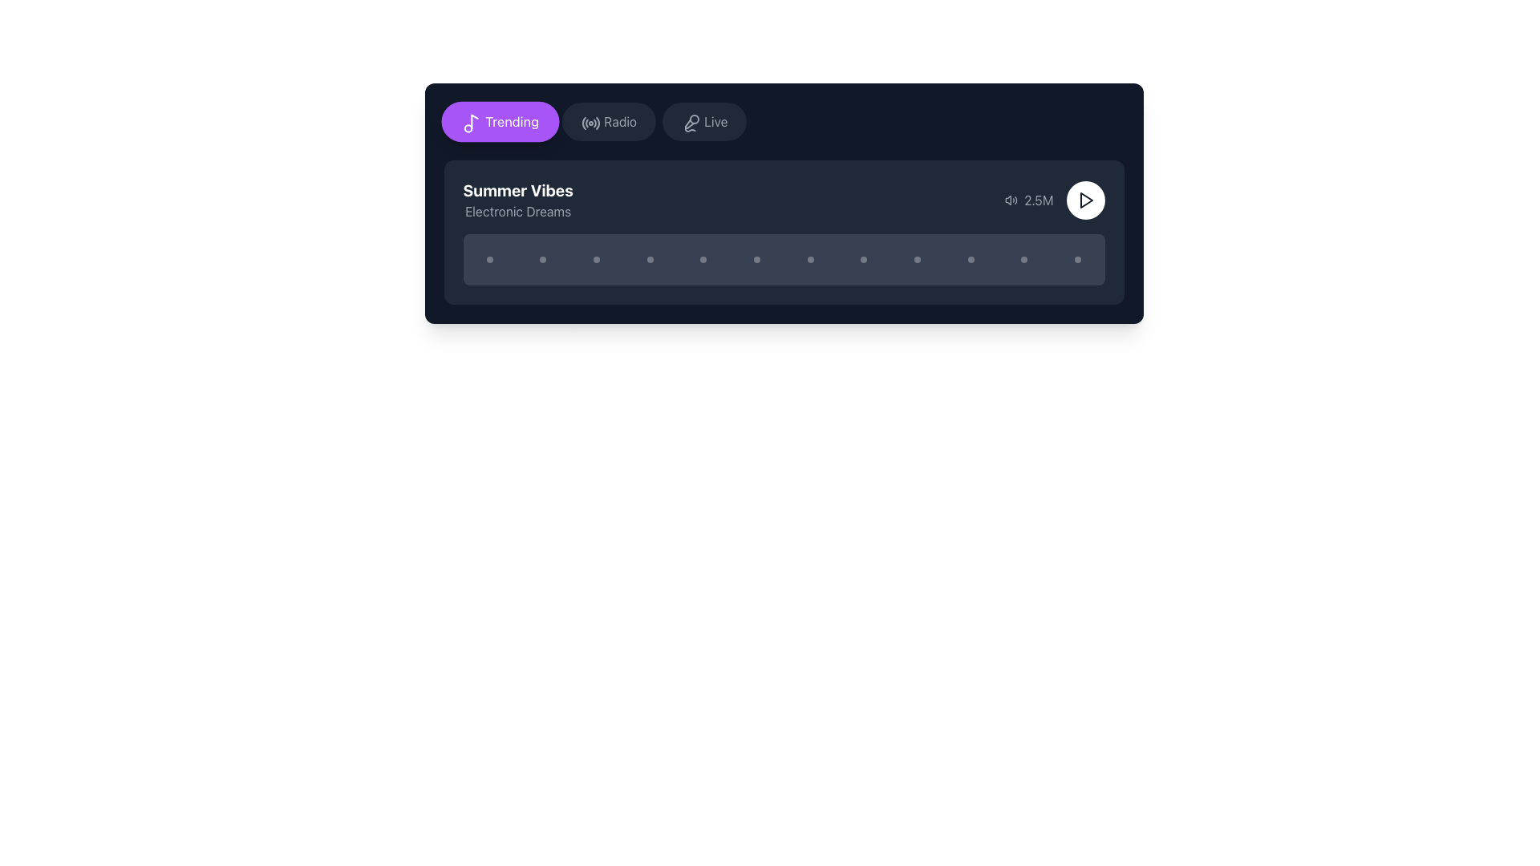  I want to click on the white music note icon within the purple oval 'Trending' button, located at the top-left of the card interface, so click(470, 123).